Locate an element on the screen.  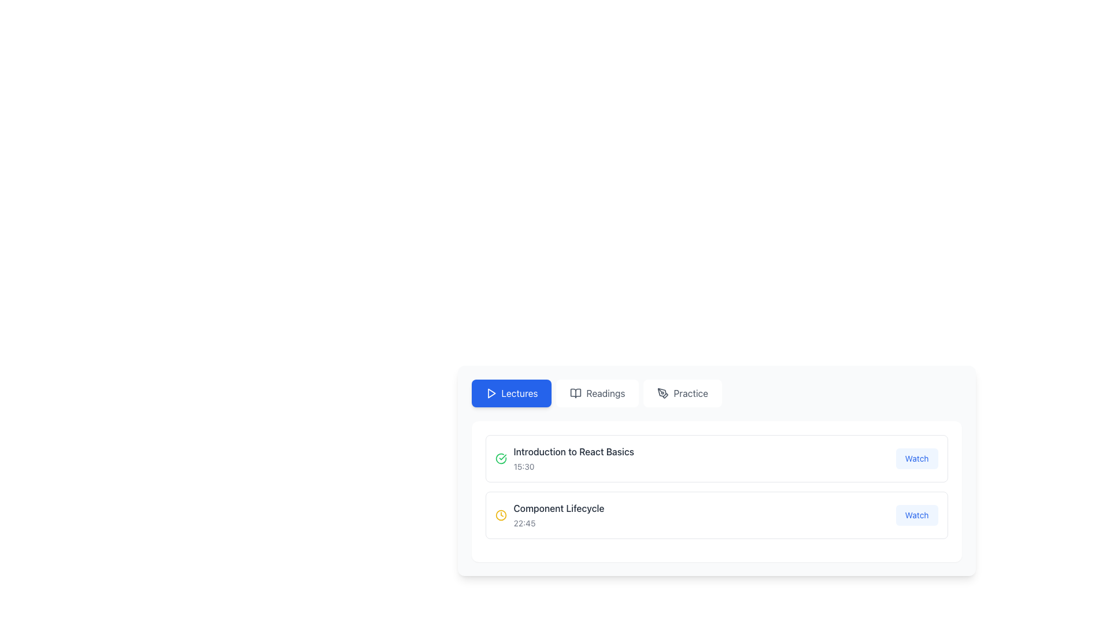
the circular SVG shape that represents a clock boundary, located next to the 'Component Lifecycle' text in the second row of the content section is located at coordinates (501, 514).